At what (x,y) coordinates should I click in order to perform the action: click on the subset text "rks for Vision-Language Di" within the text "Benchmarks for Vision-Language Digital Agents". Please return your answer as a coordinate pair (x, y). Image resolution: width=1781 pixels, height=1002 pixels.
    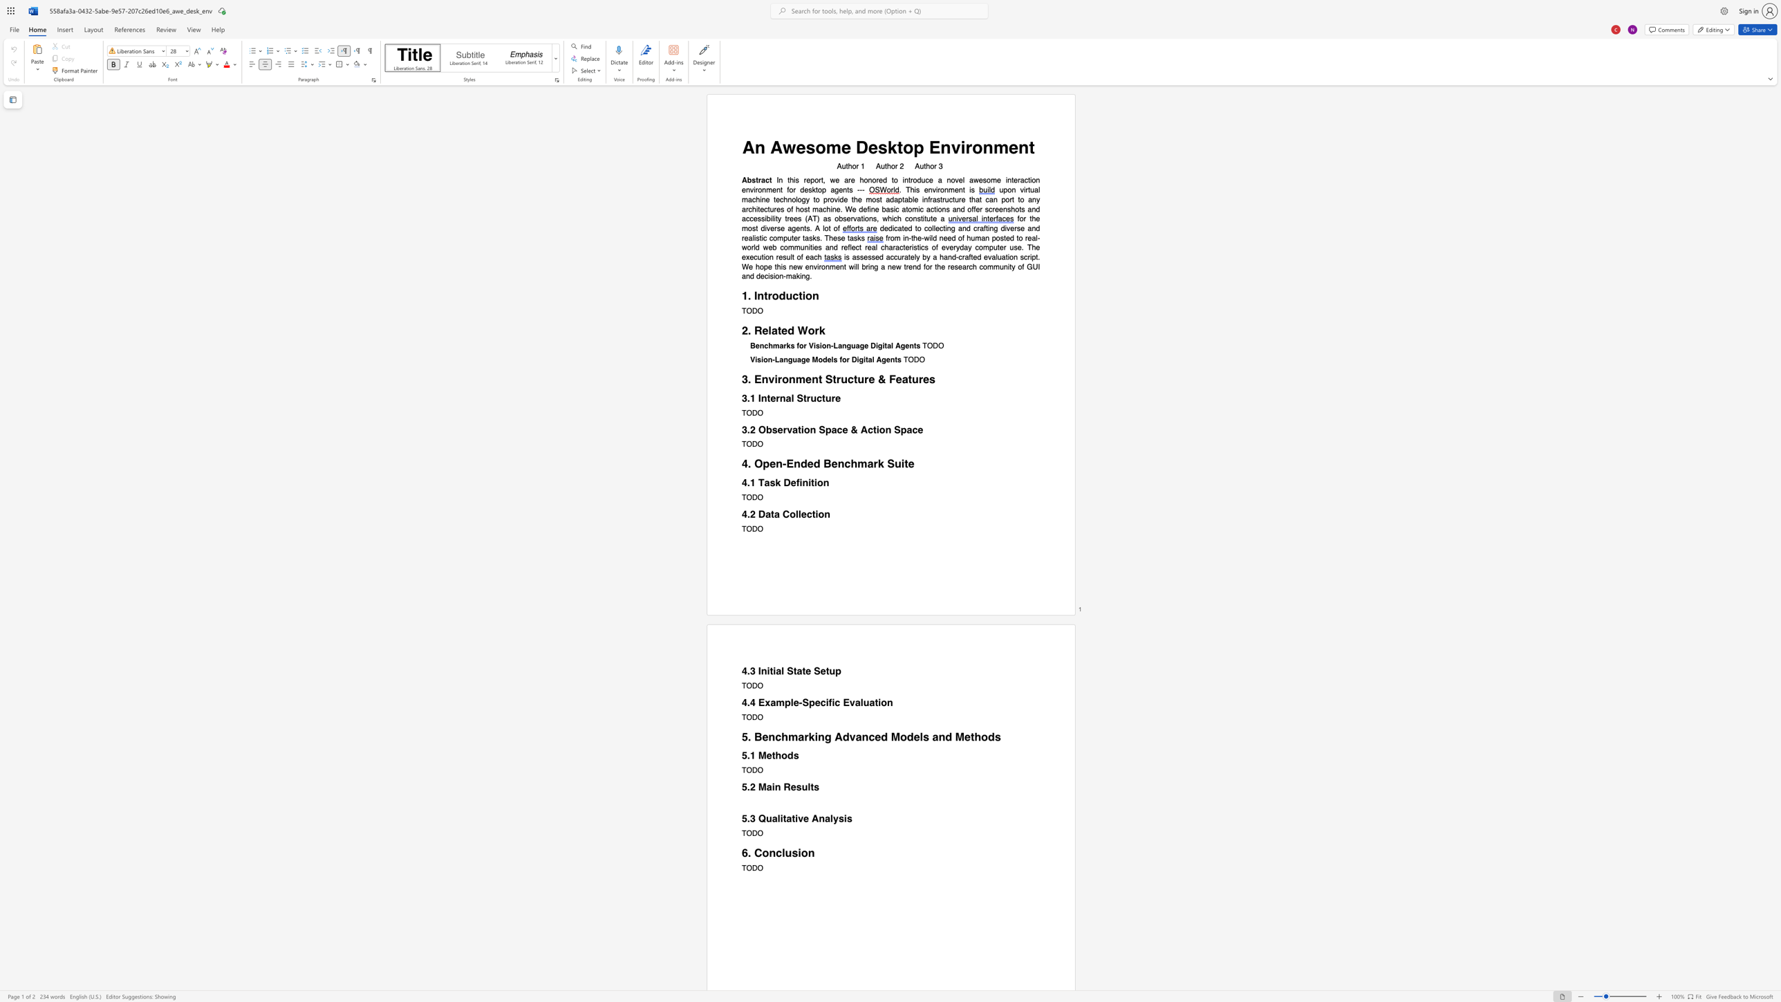
    Looking at the image, I should click on (783, 346).